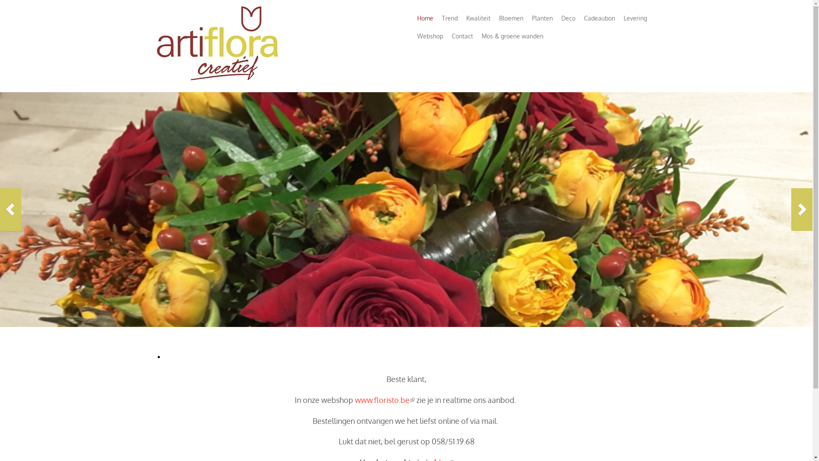  I want to click on 'Webshop', so click(430, 35).